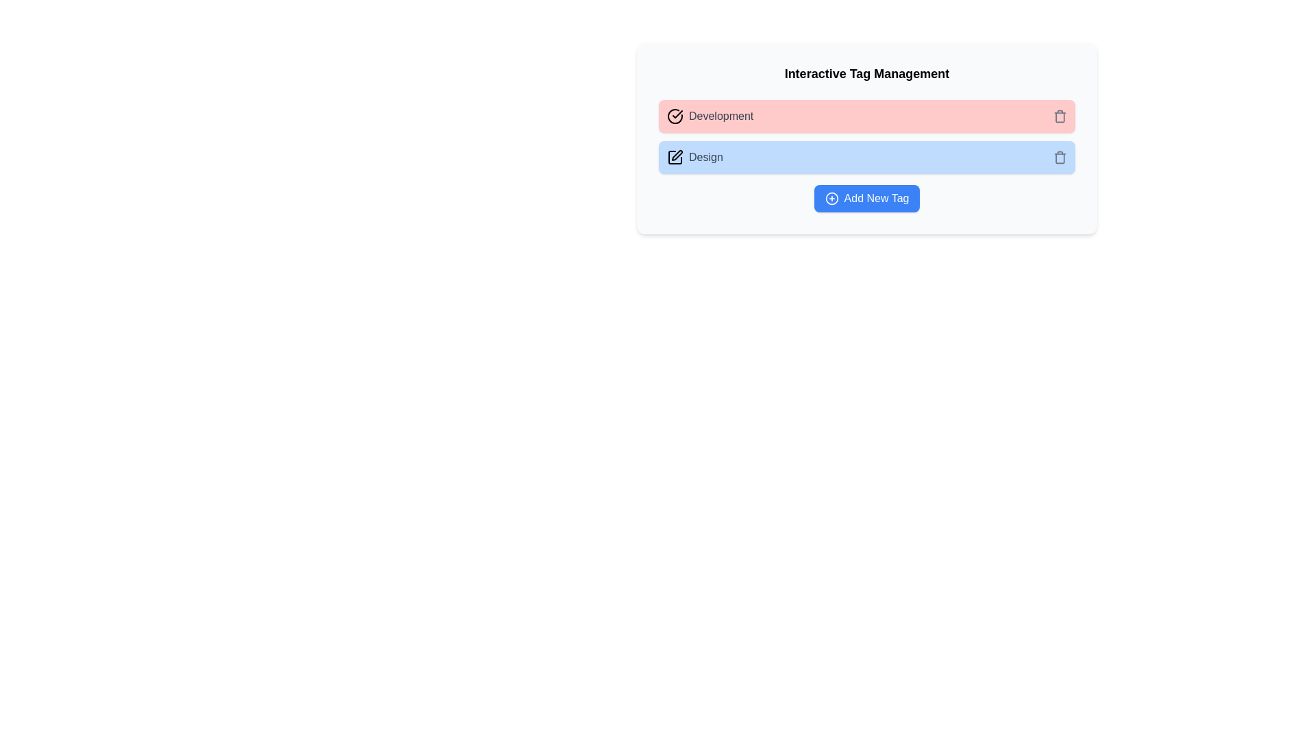 This screenshot has height=740, width=1315. Describe the element at coordinates (694, 157) in the screenshot. I see `the tag labeled 'Design'` at that location.